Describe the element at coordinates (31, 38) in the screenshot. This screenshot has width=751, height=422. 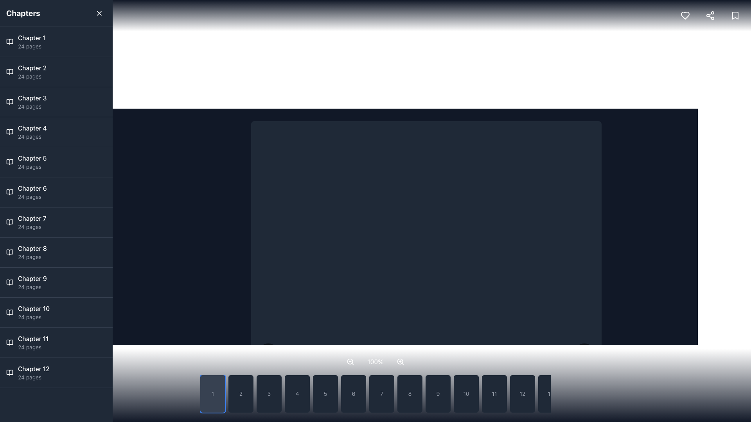
I see `the Text label that denotes Chapter 1 in the sidebar list of chapters` at that location.